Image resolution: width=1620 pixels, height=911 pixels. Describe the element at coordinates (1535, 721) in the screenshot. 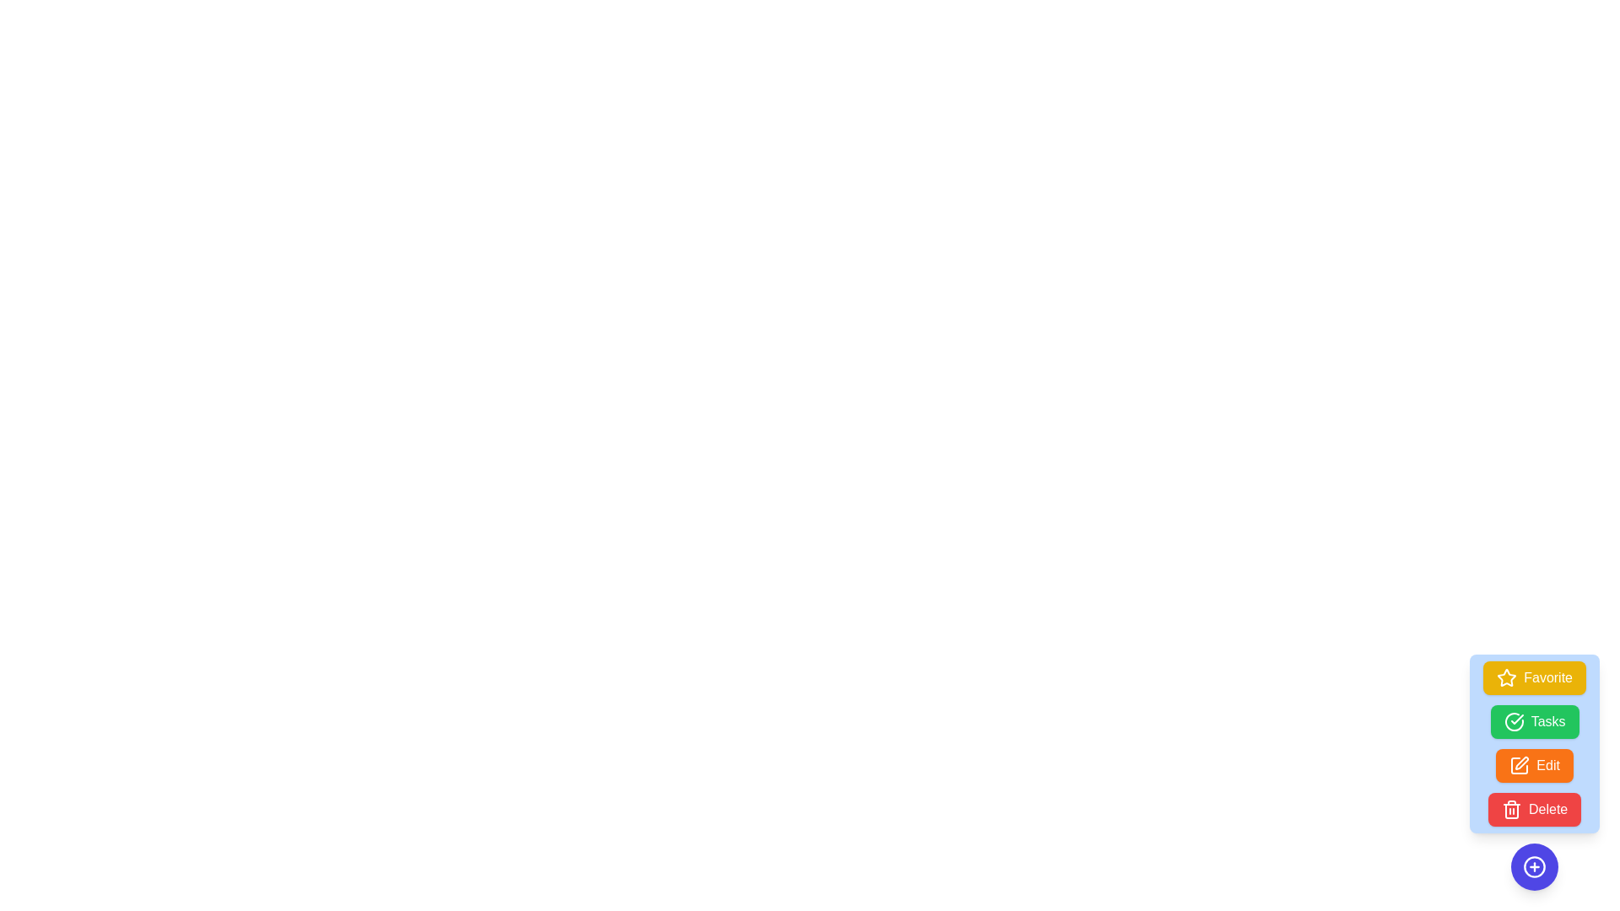

I see `the green 'Tasks' button with rounded corners that has a checkmark icon and white text, located below the yellow 'Favorite' button and above the orange 'Edit' button` at that location.